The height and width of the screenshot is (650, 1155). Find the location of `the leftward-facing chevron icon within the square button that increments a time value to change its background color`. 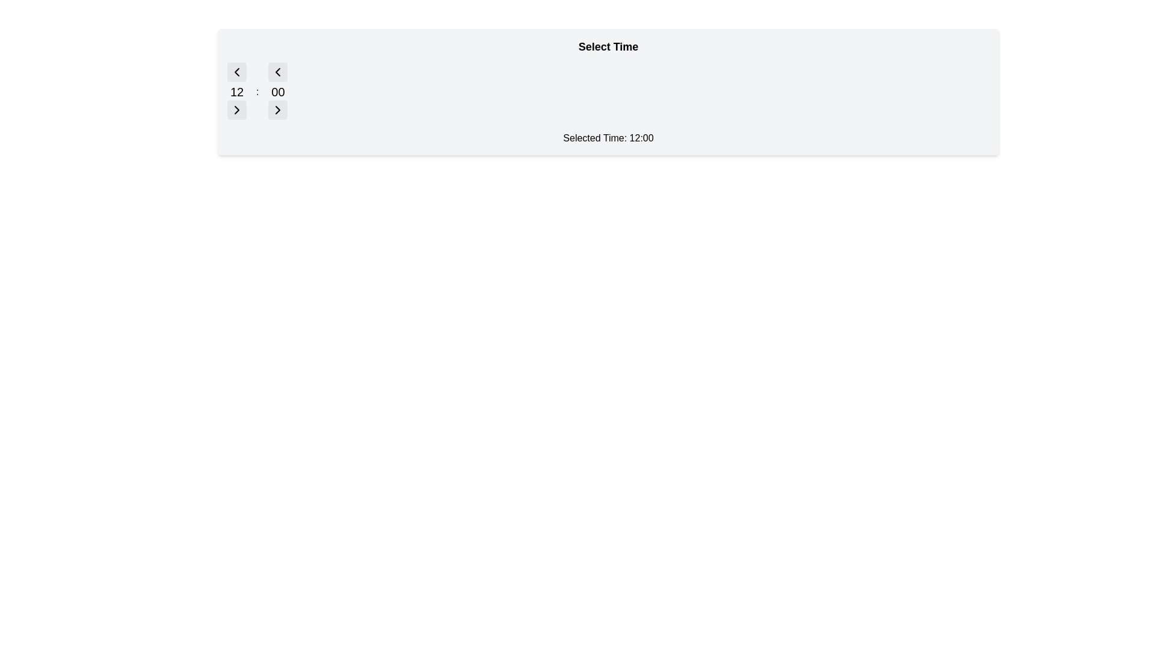

the leftward-facing chevron icon within the square button that increments a time value to change its background color is located at coordinates (236, 72).